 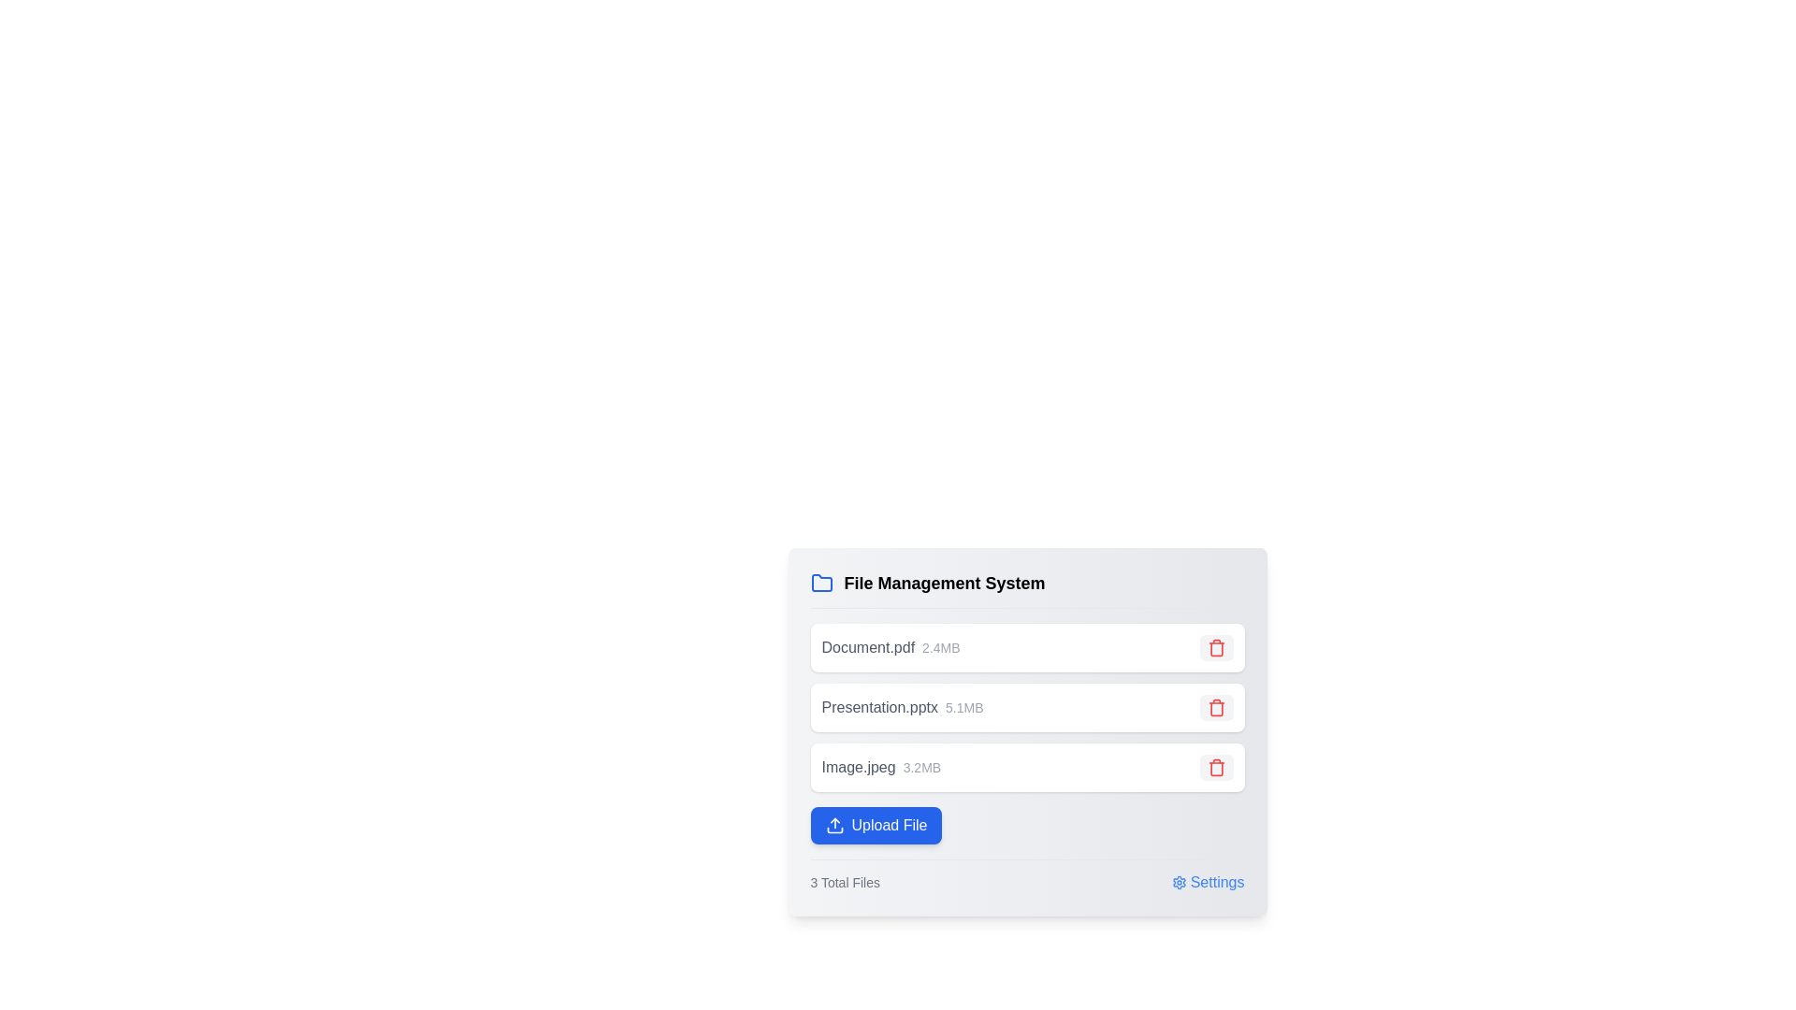 What do you see at coordinates (1216, 768) in the screenshot?
I see `the small red button with a trash can icon located in the last row of the file list, next to the file named 'Image.jpeg'` at bounding box center [1216, 768].